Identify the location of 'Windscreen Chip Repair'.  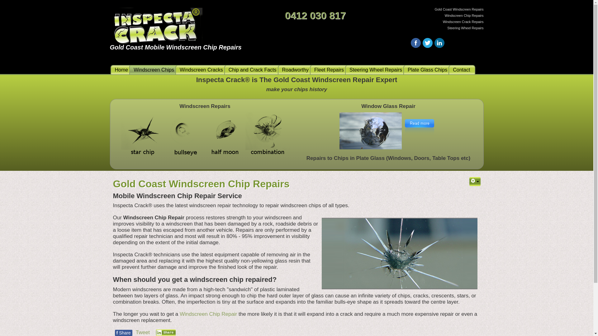
(179, 314).